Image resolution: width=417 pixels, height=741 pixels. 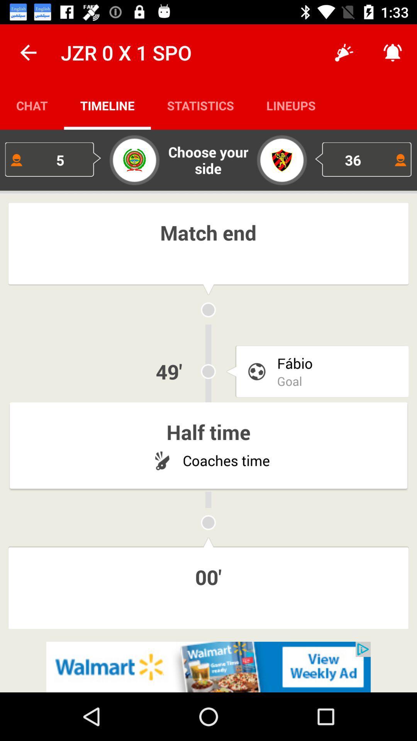 What do you see at coordinates (200, 105) in the screenshot?
I see `timeline beside right side option` at bounding box center [200, 105].